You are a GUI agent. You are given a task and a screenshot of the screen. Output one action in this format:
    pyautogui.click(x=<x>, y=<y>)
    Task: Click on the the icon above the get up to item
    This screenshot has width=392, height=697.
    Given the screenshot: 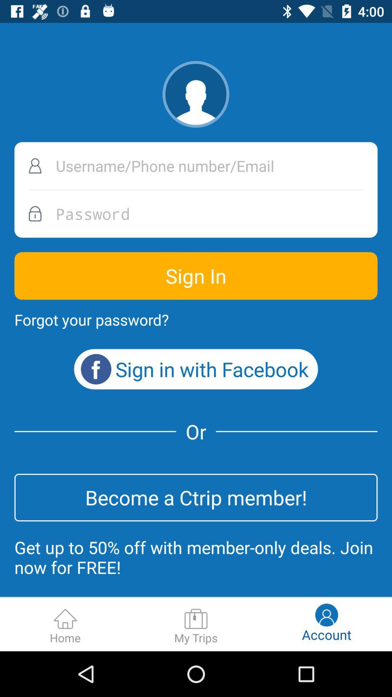 What is the action you would take?
    pyautogui.click(x=196, y=497)
    